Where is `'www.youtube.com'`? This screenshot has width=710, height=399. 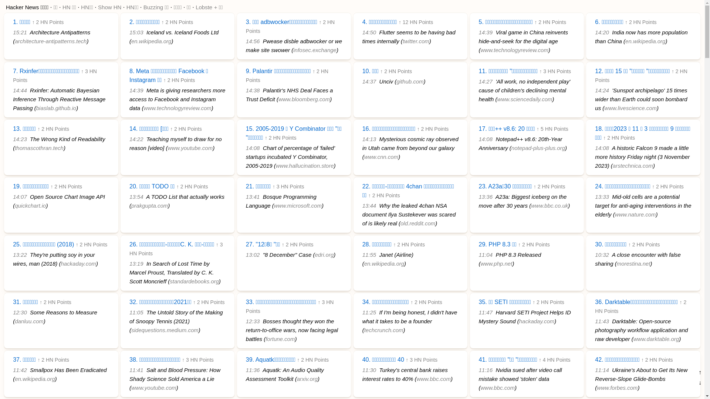 'www.youtube.com' is located at coordinates (153, 387).